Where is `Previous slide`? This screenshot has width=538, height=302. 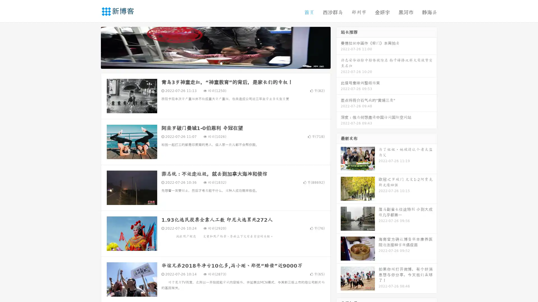
Previous slide is located at coordinates (92, 47).